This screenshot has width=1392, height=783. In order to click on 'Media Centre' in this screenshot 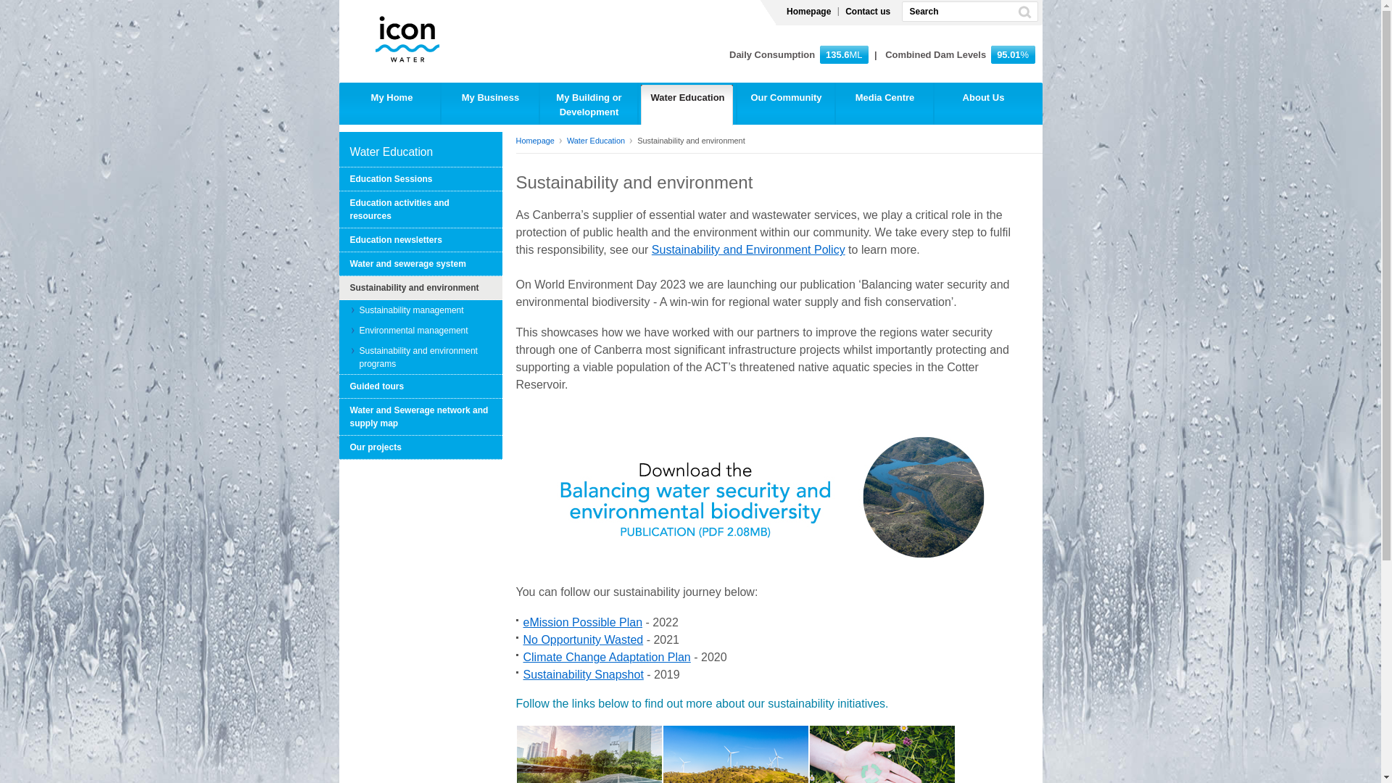, I will do `click(883, 104)`.